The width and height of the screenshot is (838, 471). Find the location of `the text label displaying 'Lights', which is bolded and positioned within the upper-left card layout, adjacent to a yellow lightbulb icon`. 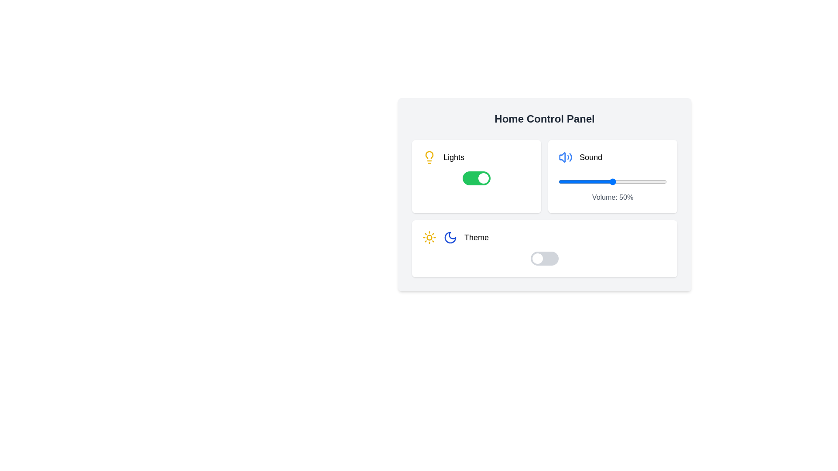

the text label displaying 'Lights', which is bolded and positioned within the upper-left card layout, adjacent to a yellow lightbulb icon is located at coordinates (454, 157).